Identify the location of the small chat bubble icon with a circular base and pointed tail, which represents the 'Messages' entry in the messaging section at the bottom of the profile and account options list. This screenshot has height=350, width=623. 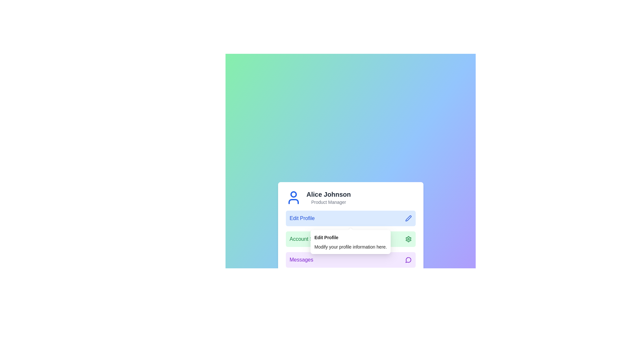
(408, 260).